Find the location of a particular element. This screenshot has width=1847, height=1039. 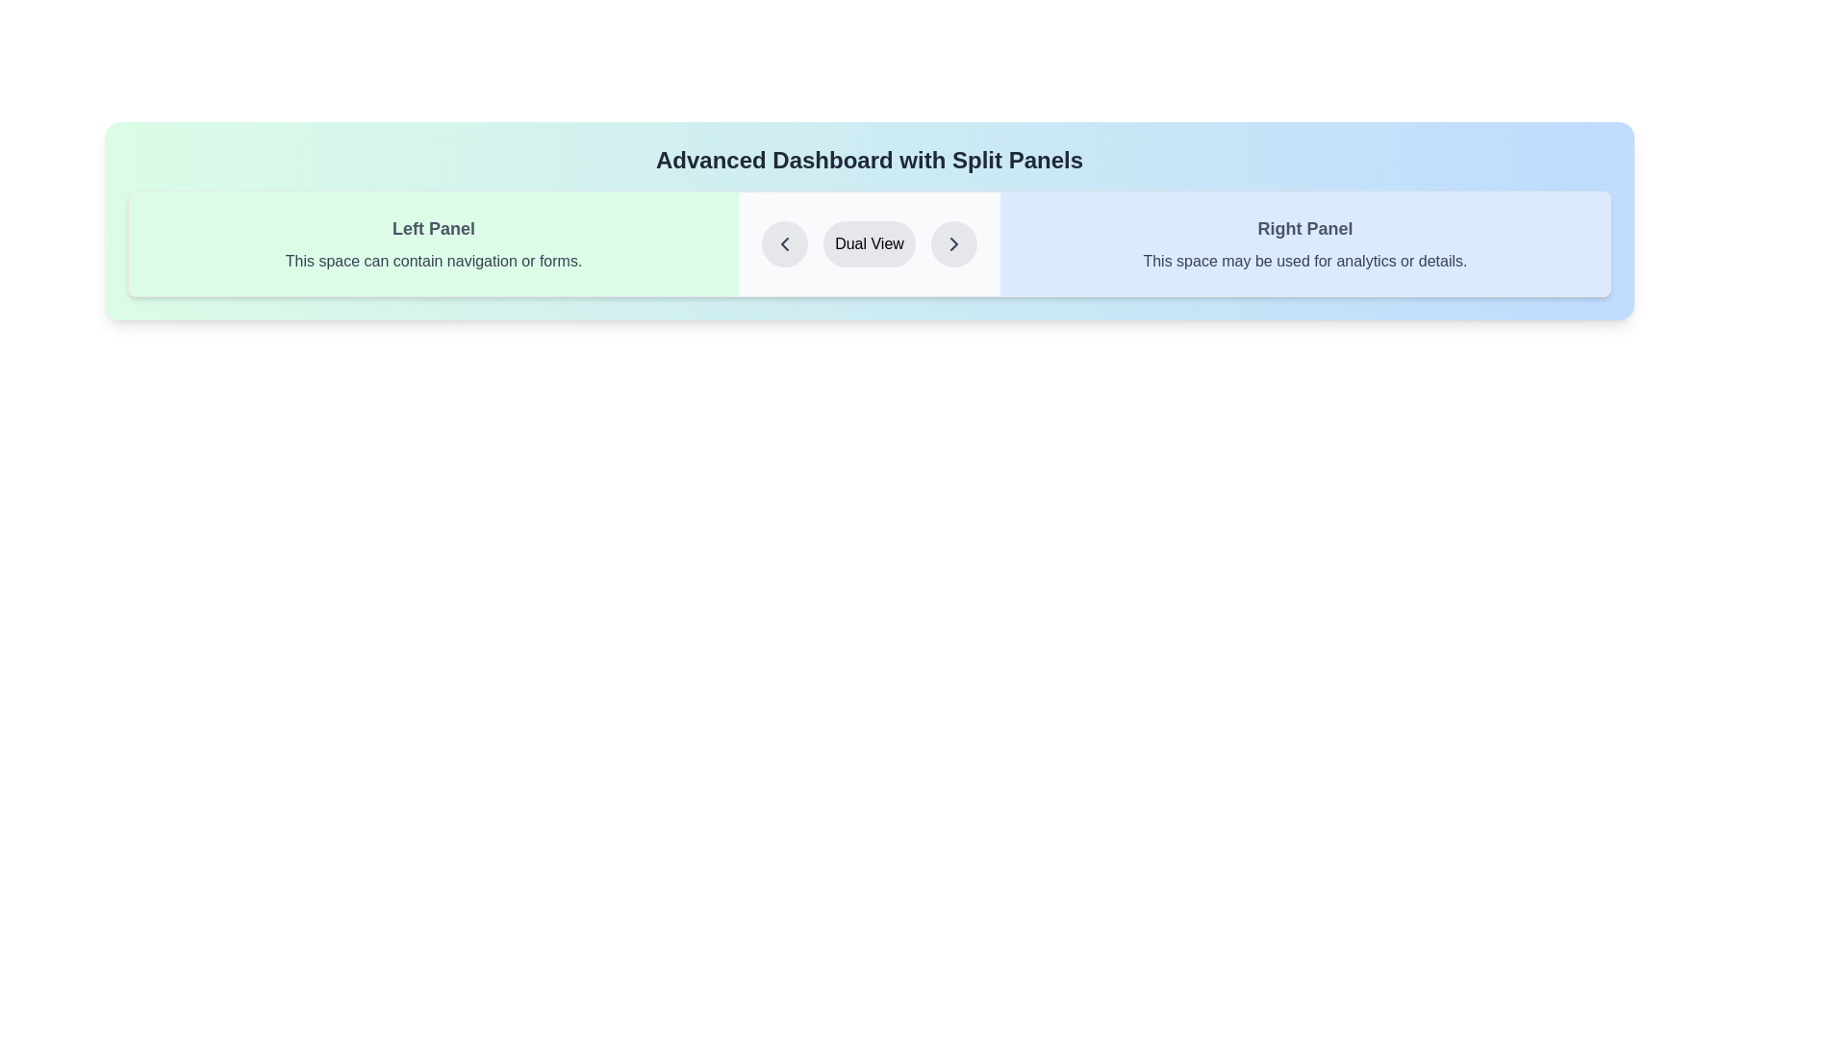

the dual-view button located at the center of the control section, between the left and right arrow buttons is located at coordinates (868, 243).